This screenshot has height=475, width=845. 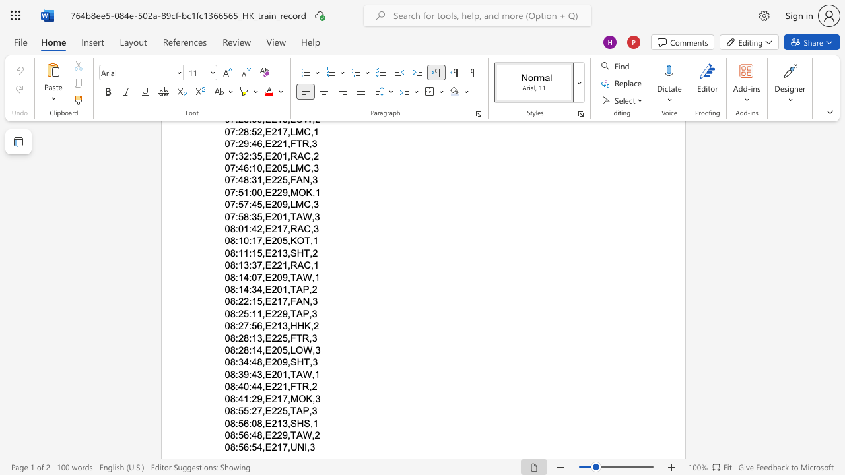 What do you see at coordinates (249, 326) in the screenshot?
I see `the subset text ":56,E213," within the text "08:27:56,E213,HHK,2"` at bounding box center [249, 326].